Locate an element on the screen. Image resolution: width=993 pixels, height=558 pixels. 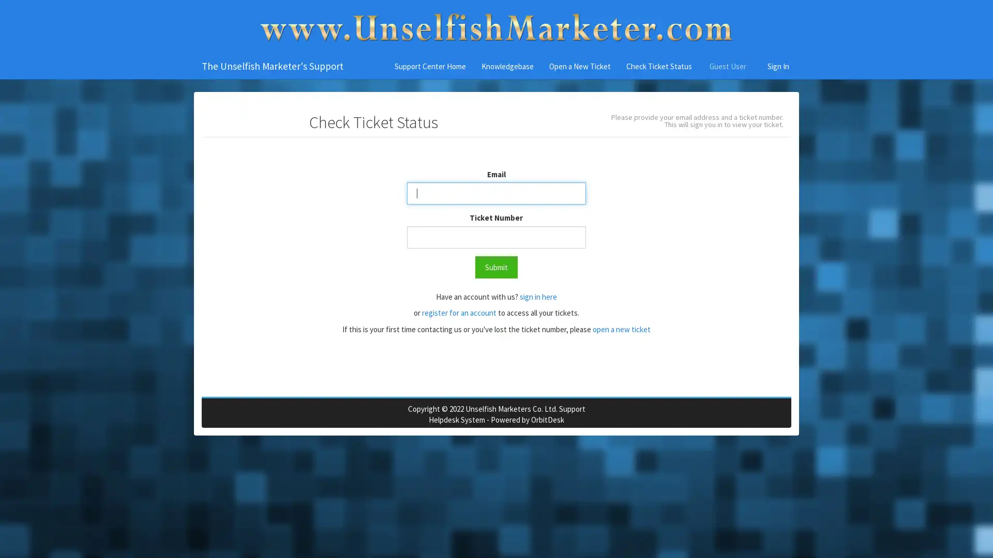
Guest User is located at coordinates (727, 66).